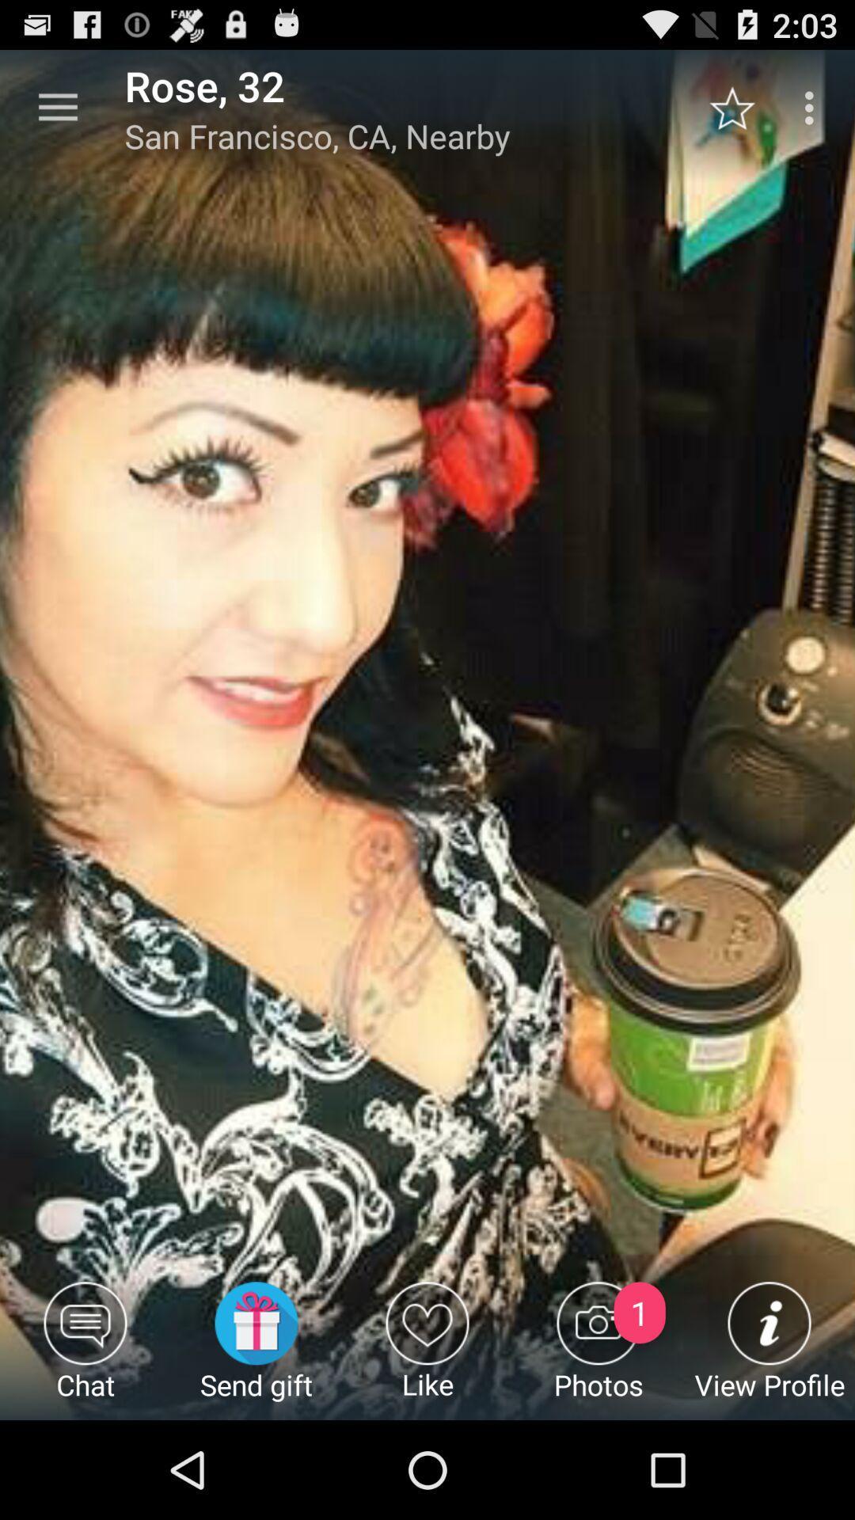 The height and width of the screenshot is (1520, 855). I want to click on item next to the like, so click(256, 1350).